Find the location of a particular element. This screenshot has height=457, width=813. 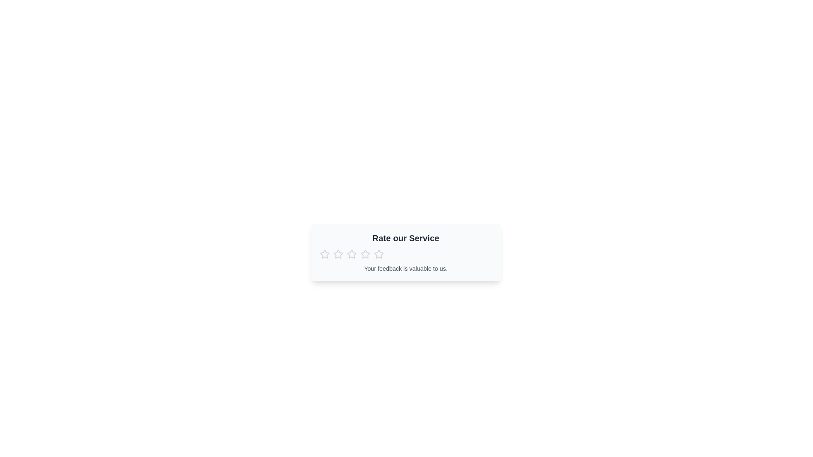

the second star icon in the 5-star rating system to register a 2-star rating for the service evaluation is located at coordinates (337, 253).